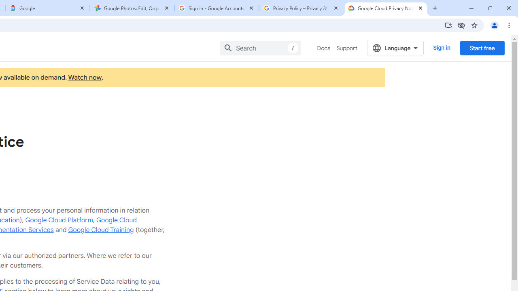 The height and width of the screenshot is (291, 518). What do you see at coordinates (346, 48) in the screenshot?
I see `'Support'` at bounding box center [346, 48].